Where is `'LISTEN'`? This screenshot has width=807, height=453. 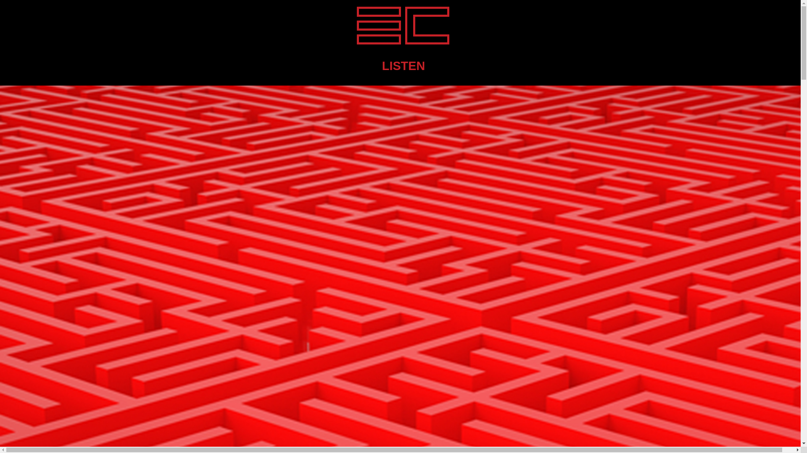
'LISTEN' is located at coordinates (381, 65).